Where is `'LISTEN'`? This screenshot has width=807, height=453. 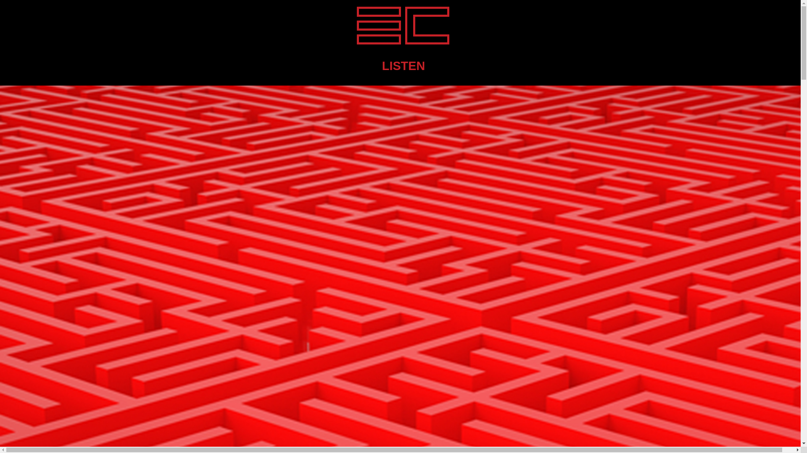
'LISTEN' is located at coordinates (381, 65).